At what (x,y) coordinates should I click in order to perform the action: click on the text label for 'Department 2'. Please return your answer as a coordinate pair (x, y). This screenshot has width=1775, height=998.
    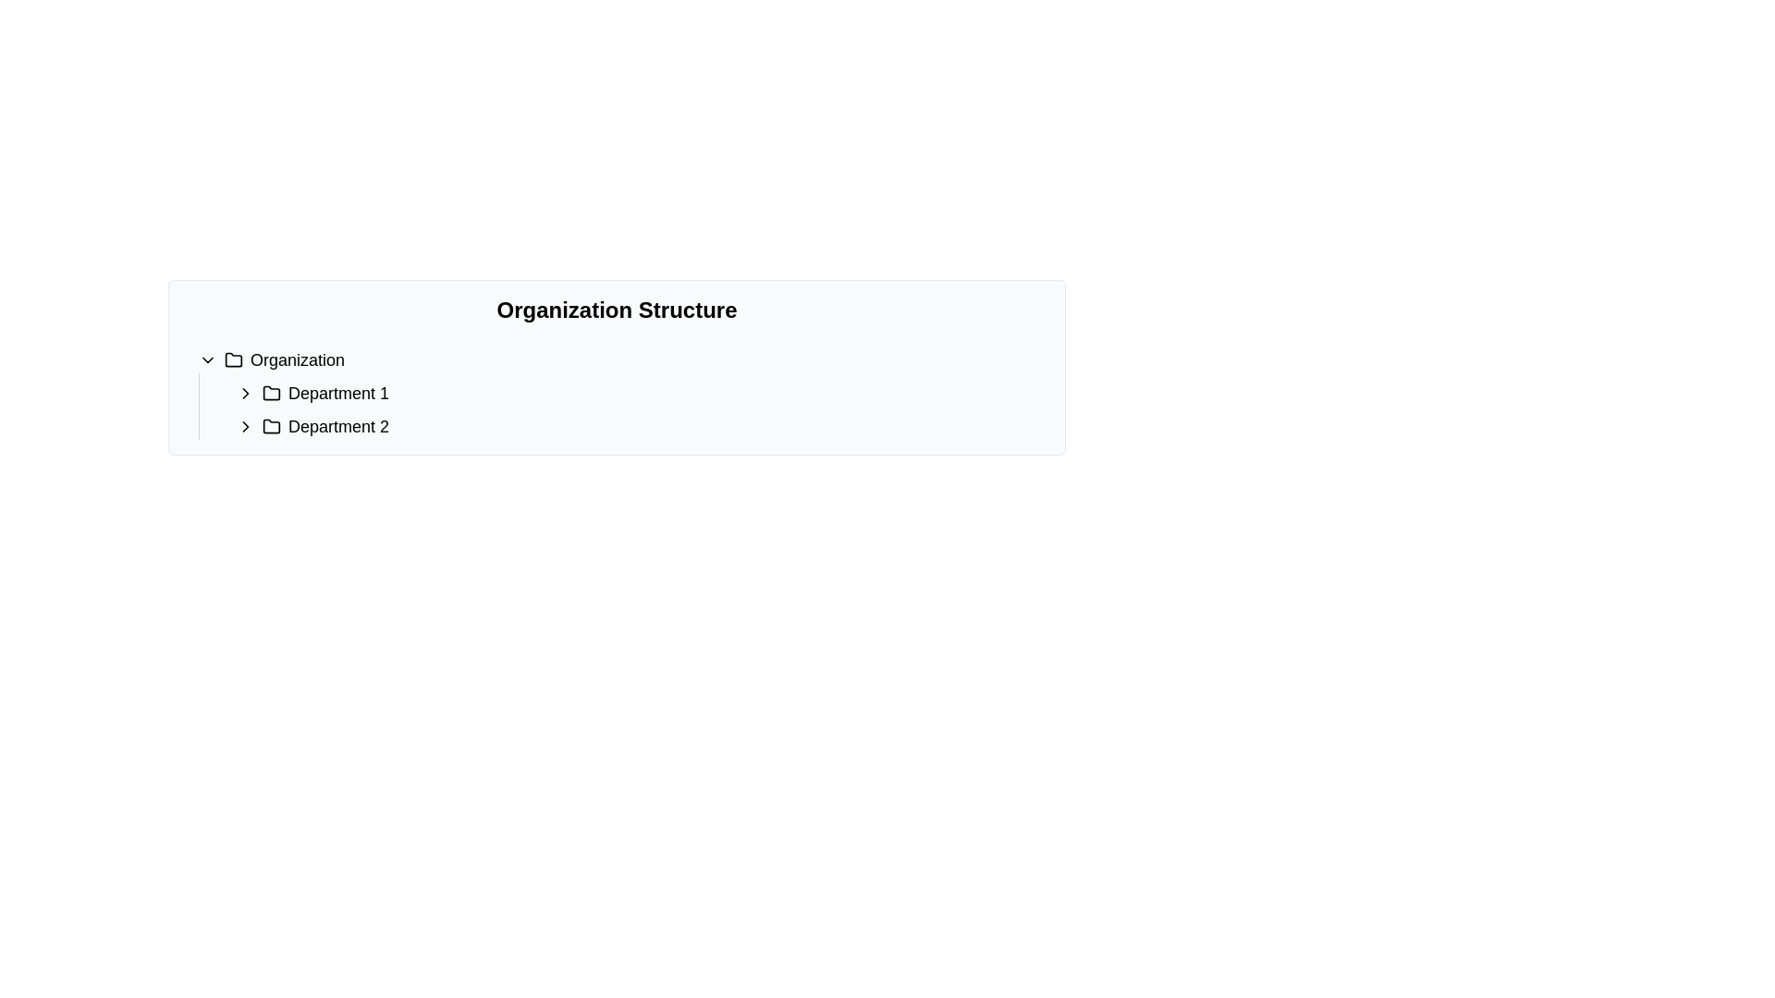
    Looking at the image, I should click on (338, 427).